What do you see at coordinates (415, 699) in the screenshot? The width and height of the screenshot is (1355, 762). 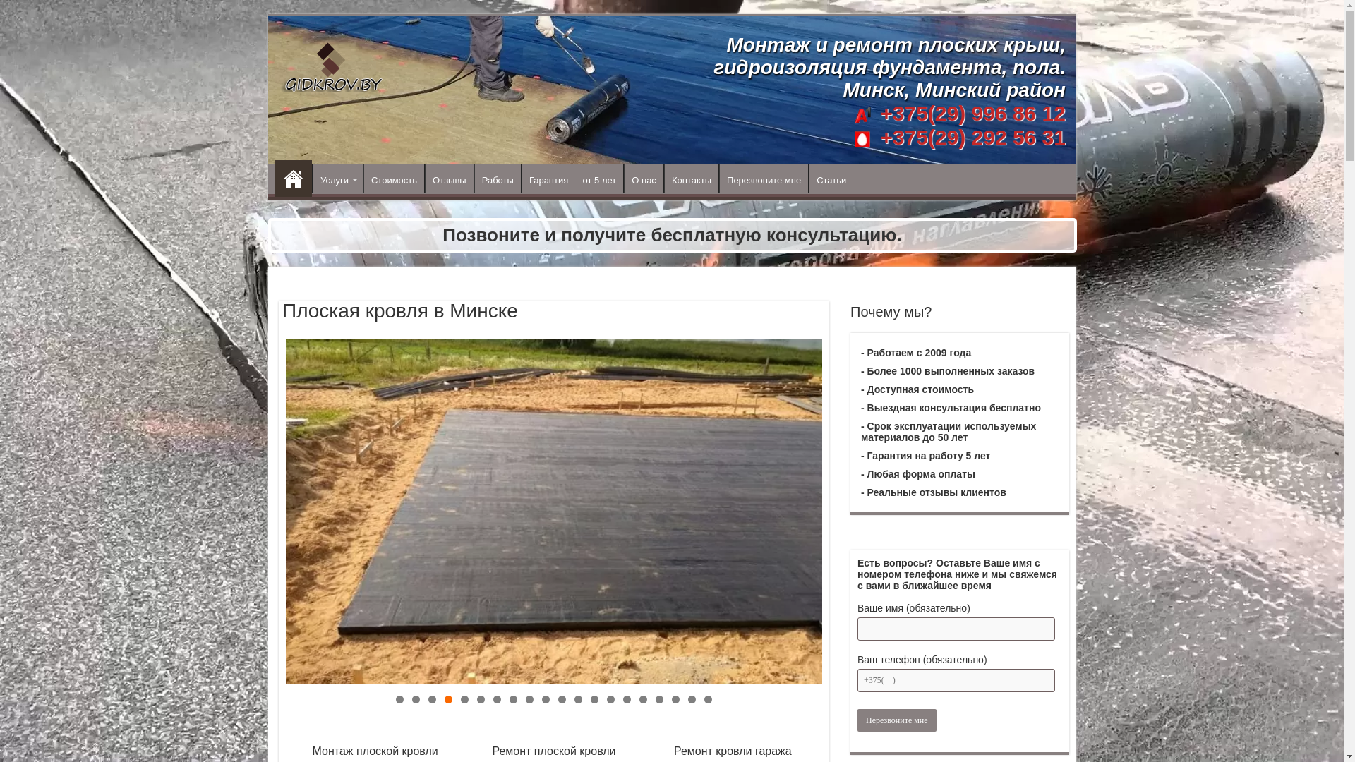 I see `'2'` at bounding box center [415, 699].